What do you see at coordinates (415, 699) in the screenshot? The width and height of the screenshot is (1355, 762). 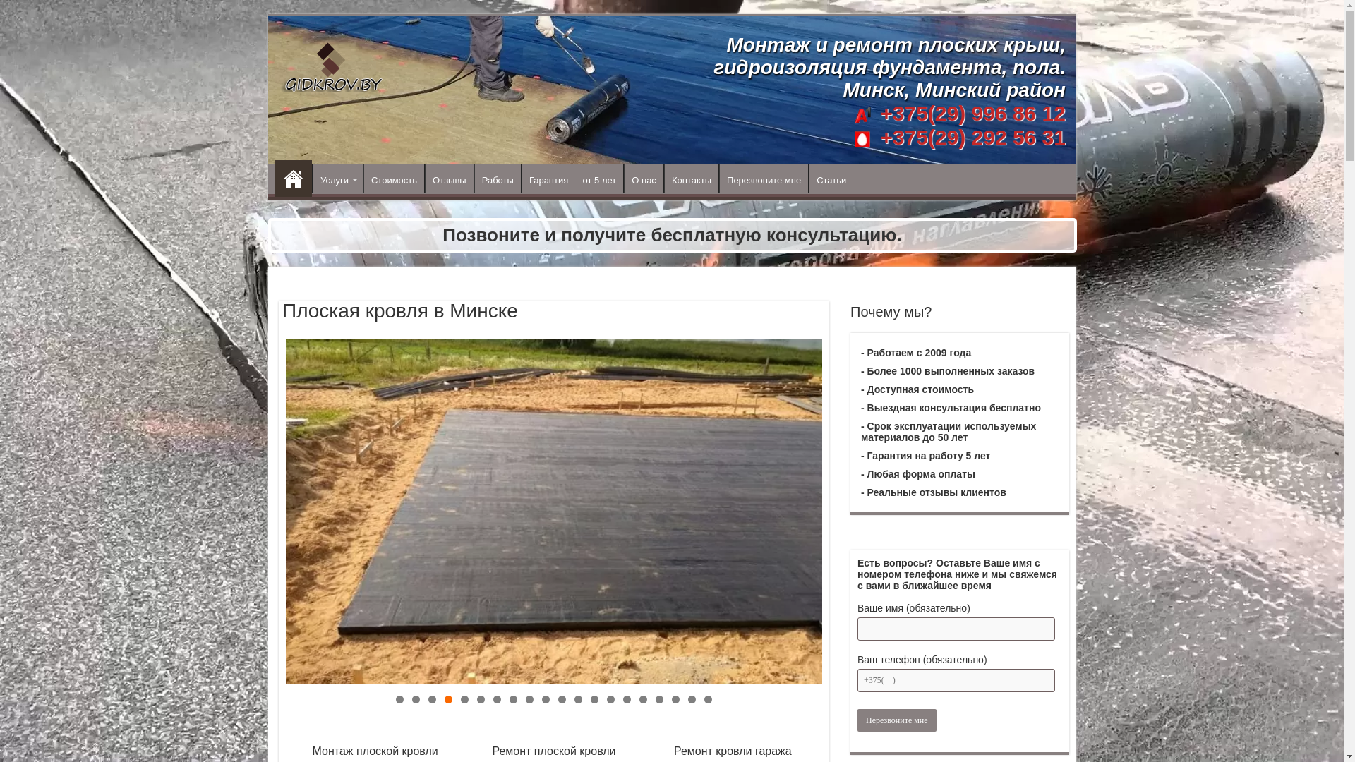 I see `'2'` at bounding box center [415, 699].